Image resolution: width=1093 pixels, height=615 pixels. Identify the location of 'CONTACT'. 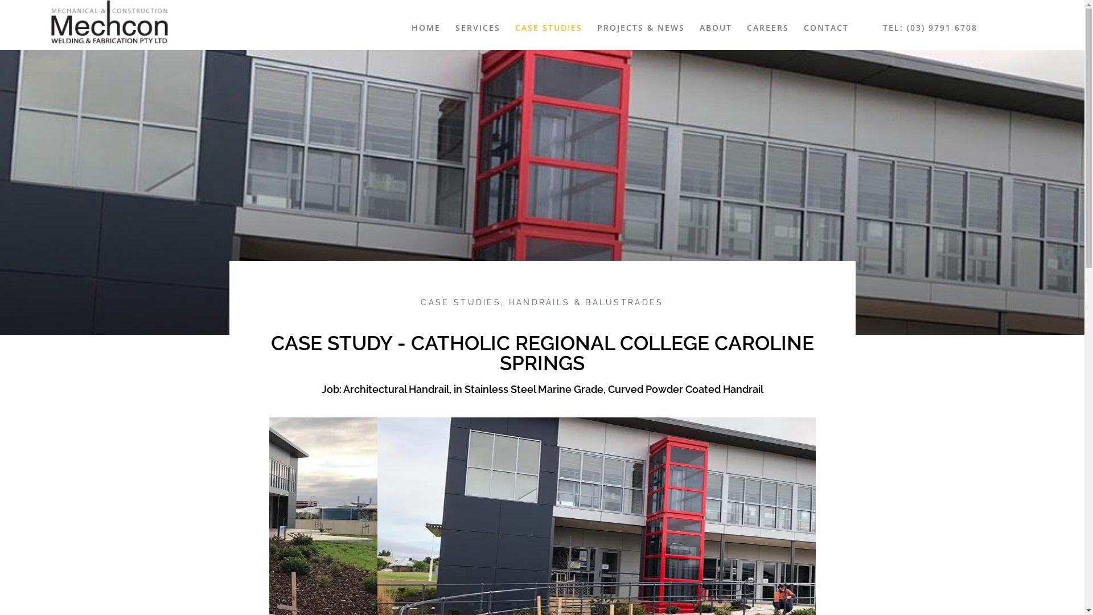
(797, 27).